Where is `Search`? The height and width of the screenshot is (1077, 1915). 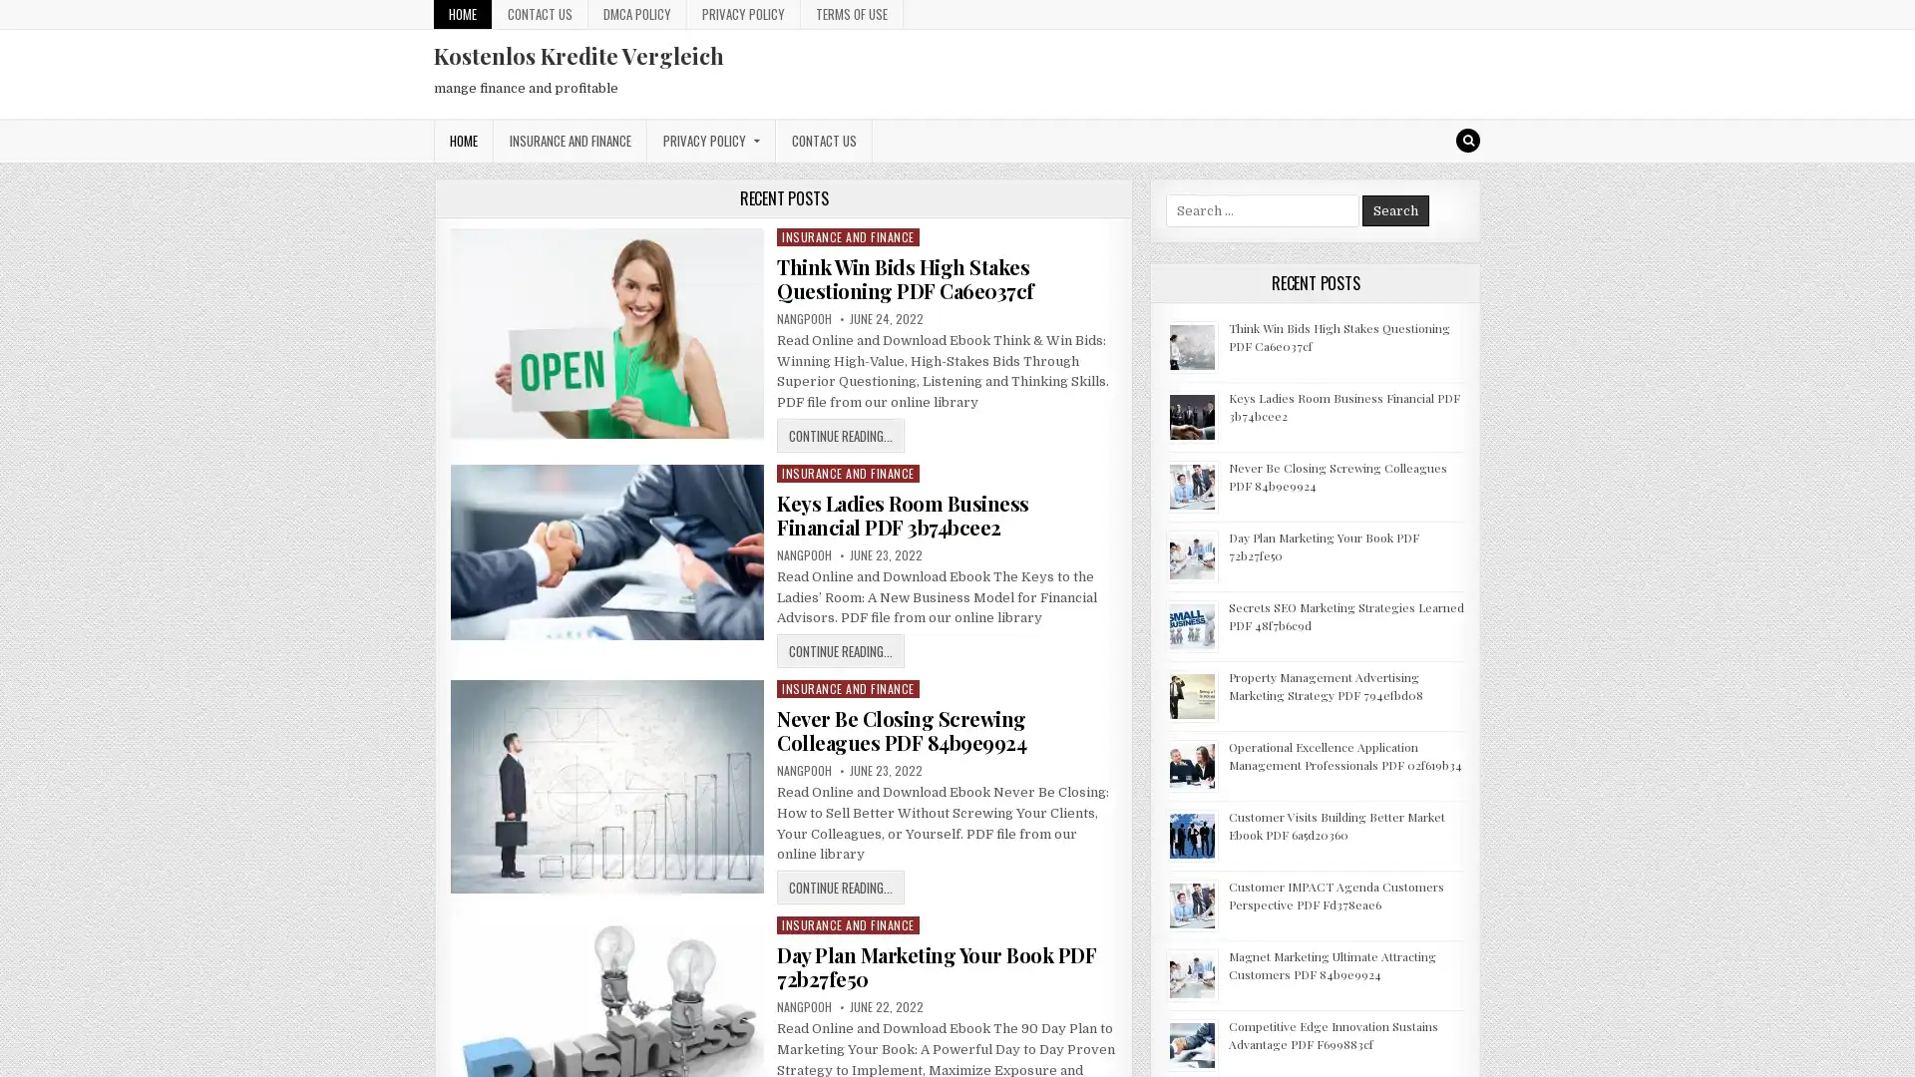 Search is located at coordinates (1394, 210).